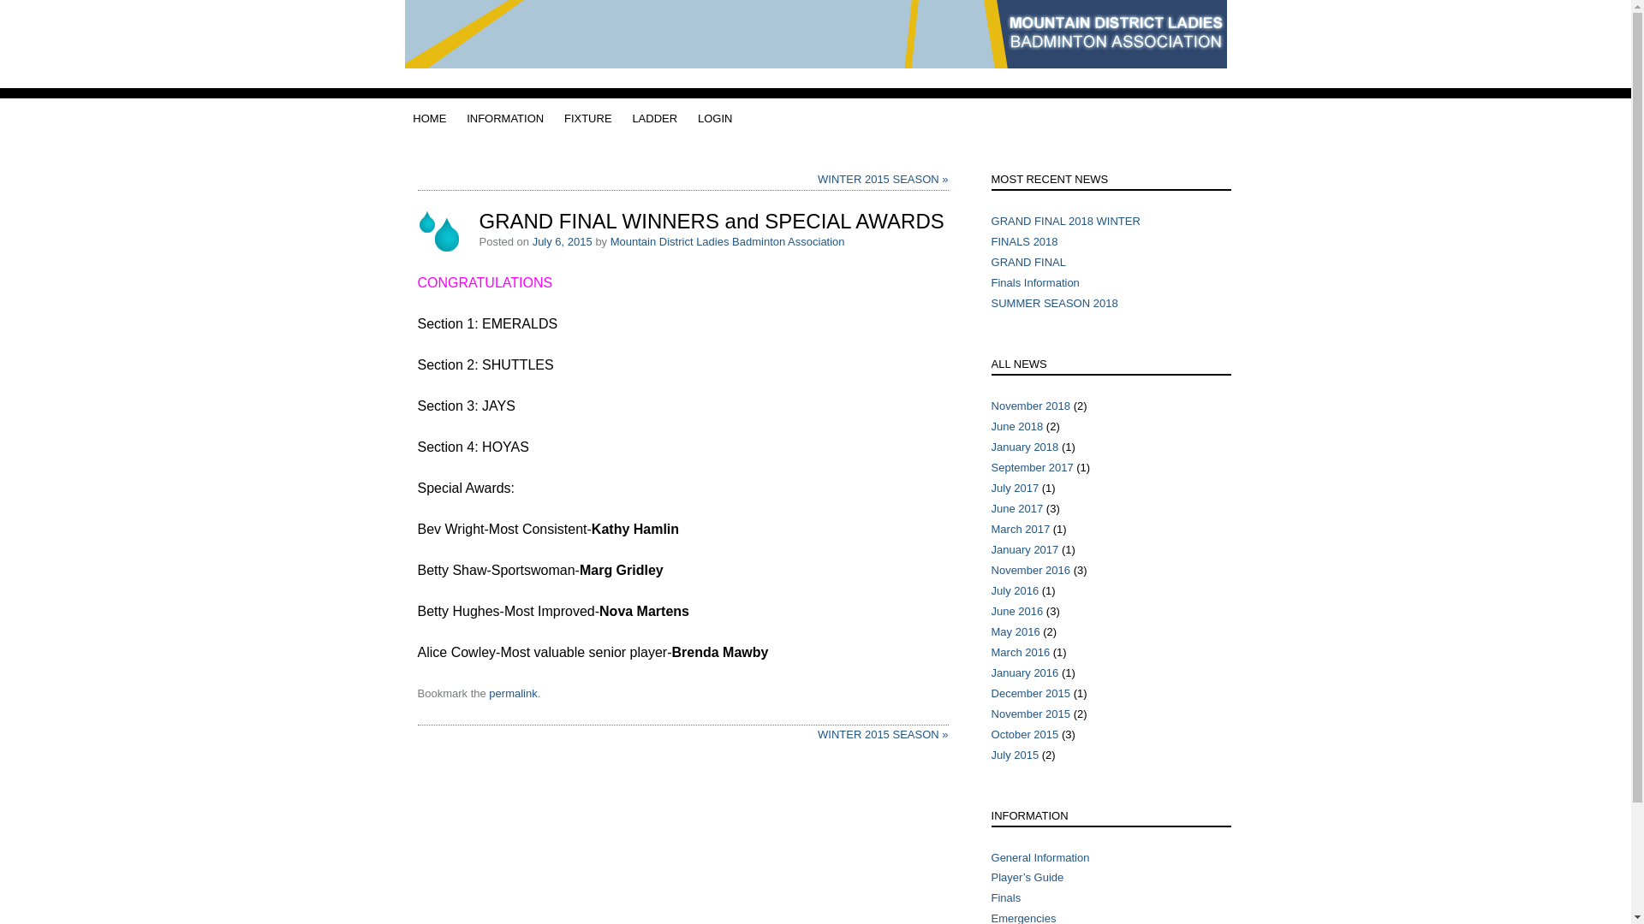 Image resolution: width=1644 pixels, height=924 pixels. I want to click on 'November 2016', so click(1030, 570).